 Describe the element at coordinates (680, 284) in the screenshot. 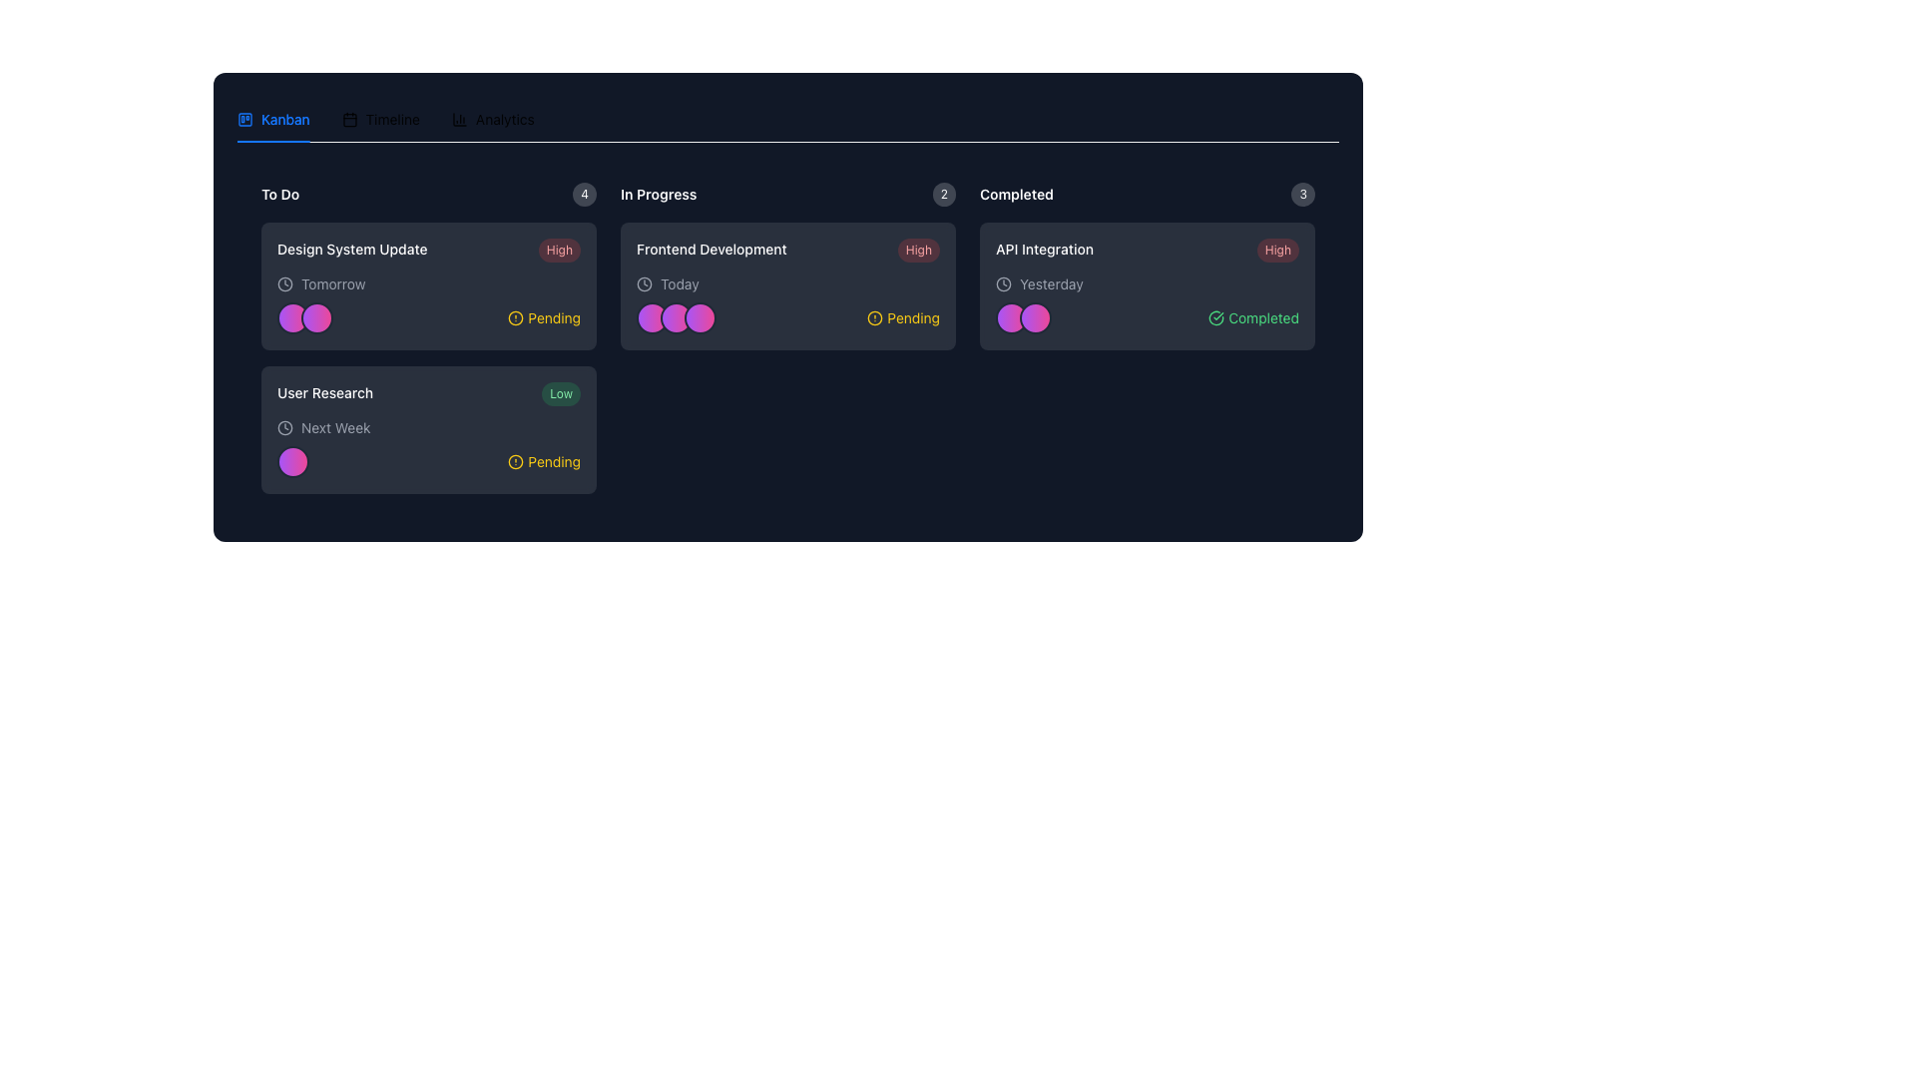

I see `the static text label displaying the word 'Today', which is styled in gray and located in the second column 'In Progress' of the 'Frontend Development' card, positioned next to a clock icon` at that location.